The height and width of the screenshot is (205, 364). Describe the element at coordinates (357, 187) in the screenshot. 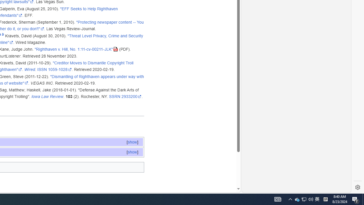

I see `'Settings'` at that location.